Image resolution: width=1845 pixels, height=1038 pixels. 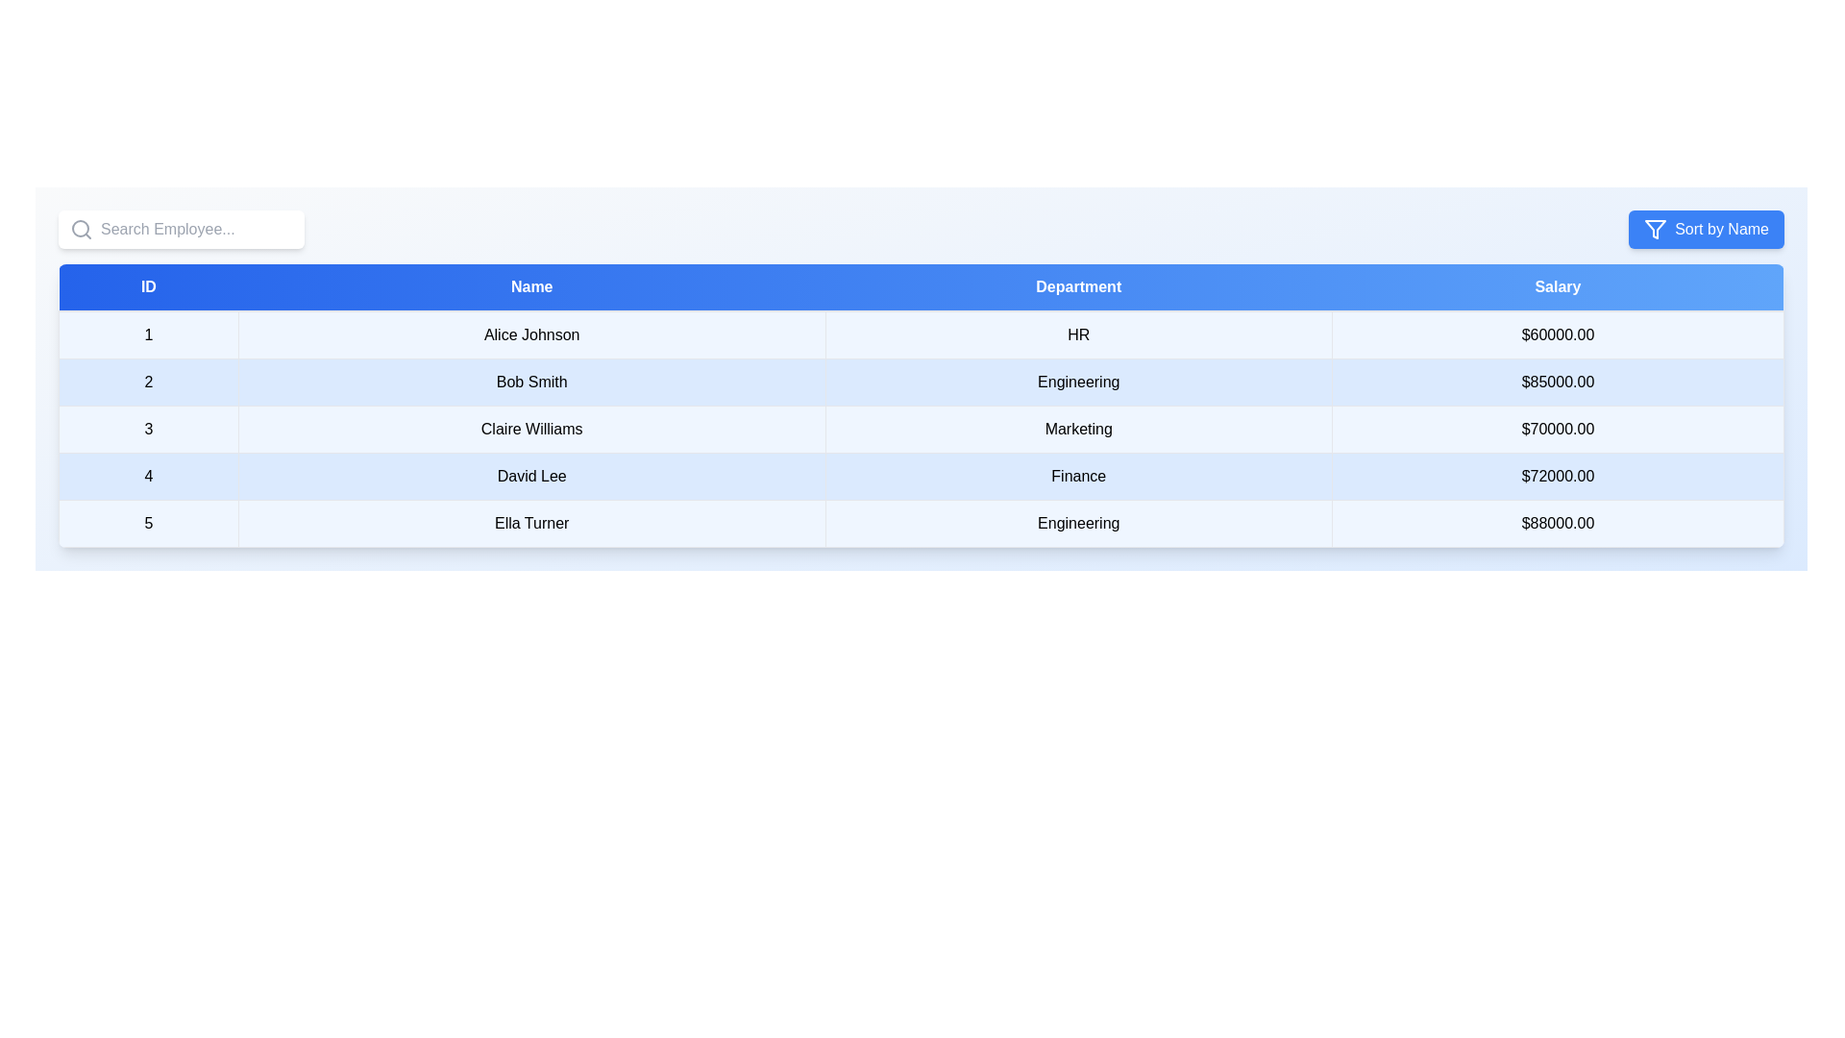 What do you see at coordinates (147, 287) in the screenshot?
I see `the text label displaying 'ID' in the table header with a blue background and white text, located at the far-left end of the table` at bounding box center [147, 287].